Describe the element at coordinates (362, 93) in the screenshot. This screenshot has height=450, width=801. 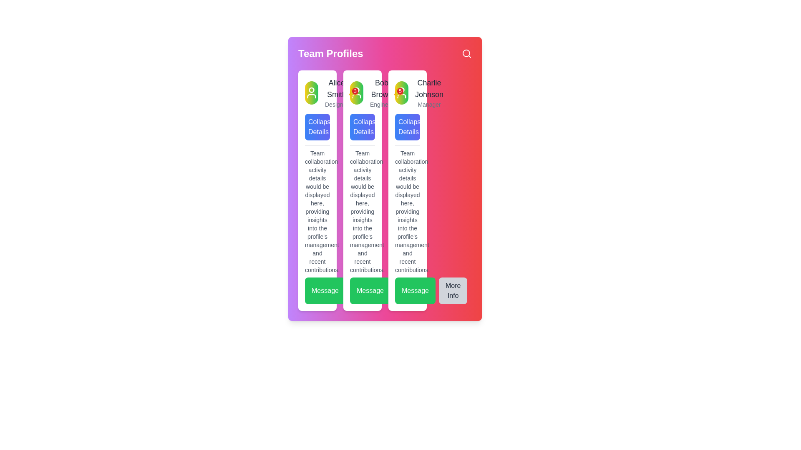
I see `the notification count on the Badge associated with user profile 'Bob Brown' located in the 'Team Profiles' section` at that location.